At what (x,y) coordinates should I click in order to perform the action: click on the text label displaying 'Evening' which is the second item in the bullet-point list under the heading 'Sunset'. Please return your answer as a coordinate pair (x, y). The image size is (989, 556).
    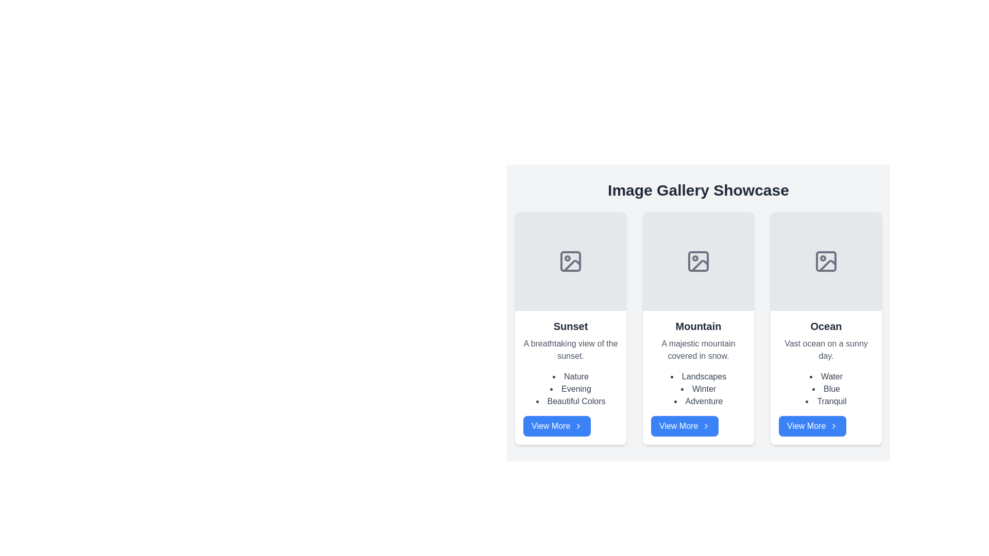
    Looking at the image, I should click on (570, 389).